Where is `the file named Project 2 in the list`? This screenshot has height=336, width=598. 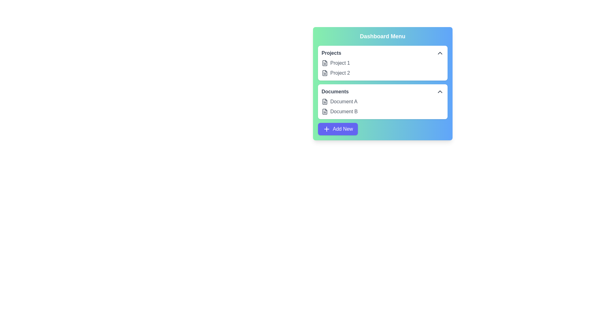 the file named Project 2 in the list is located at coordinates (324, 73).